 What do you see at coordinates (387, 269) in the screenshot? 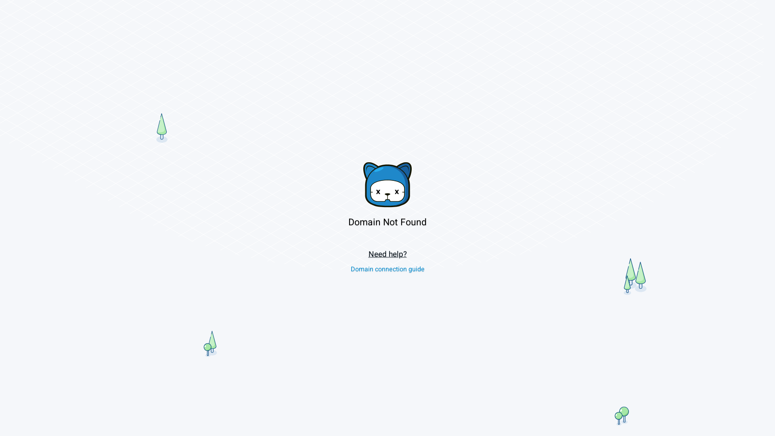
I see `'Domain connection guide'` at bounding box center [387, 269].